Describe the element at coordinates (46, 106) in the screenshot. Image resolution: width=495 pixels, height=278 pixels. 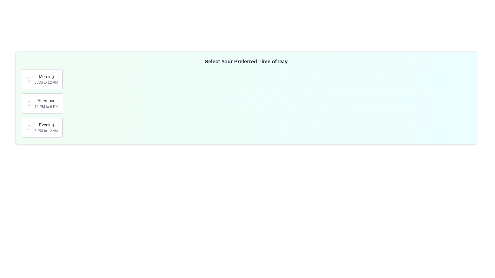
I see `the text element styled in small gray font reading '12 PM to 6 PM', which is located beneath the 'Afternoon' label` at that location.